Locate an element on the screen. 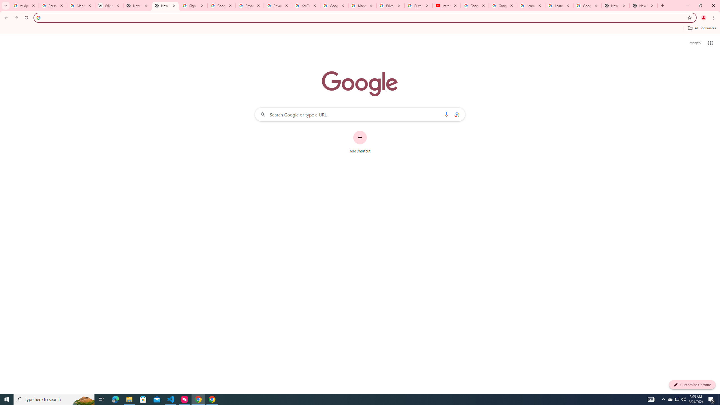 Image resolution: width=720 pixels, height=405 pixels. 'Wikipedia:Edit requests - Wikipedia' is located at coordinates (109, 5).